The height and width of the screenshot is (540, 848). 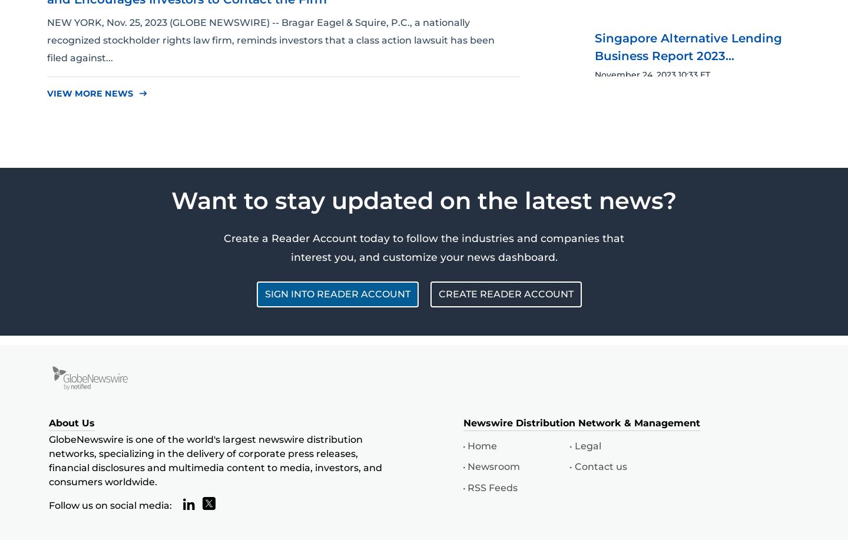 What do you see at coordinates (492, 487) in the screenshot?
I see `'RSS Feeds'` at bounding box center [492, 487].